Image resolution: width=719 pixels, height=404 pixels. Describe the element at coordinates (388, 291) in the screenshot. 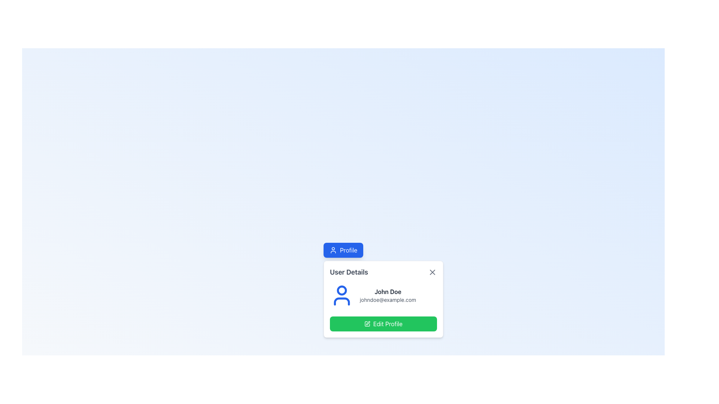

I see `text displayed in the user name label located in the 'User Details' card, positioned above the email address label and next to the user icon` at that location.